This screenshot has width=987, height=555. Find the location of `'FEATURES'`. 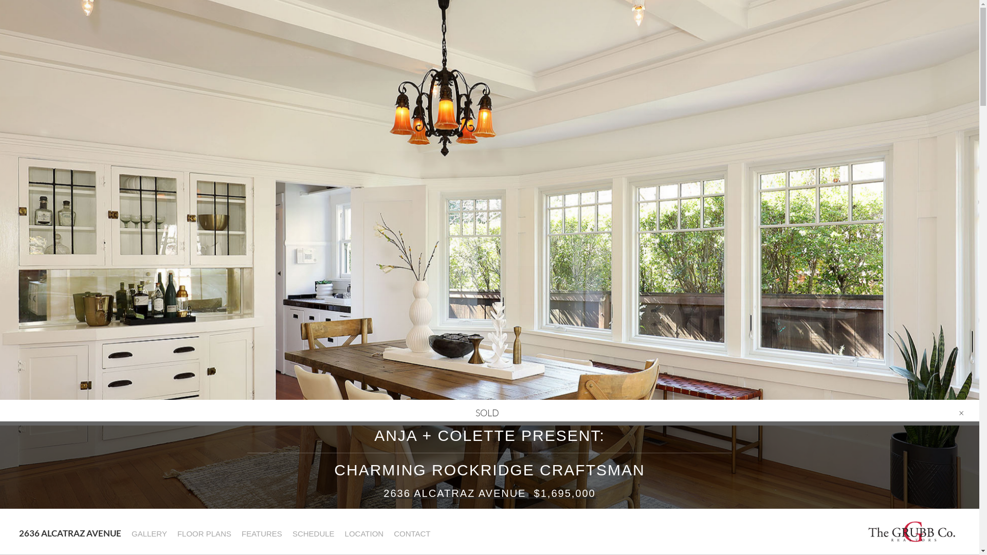

'FEATURES' is located at coordinates (261, 533).